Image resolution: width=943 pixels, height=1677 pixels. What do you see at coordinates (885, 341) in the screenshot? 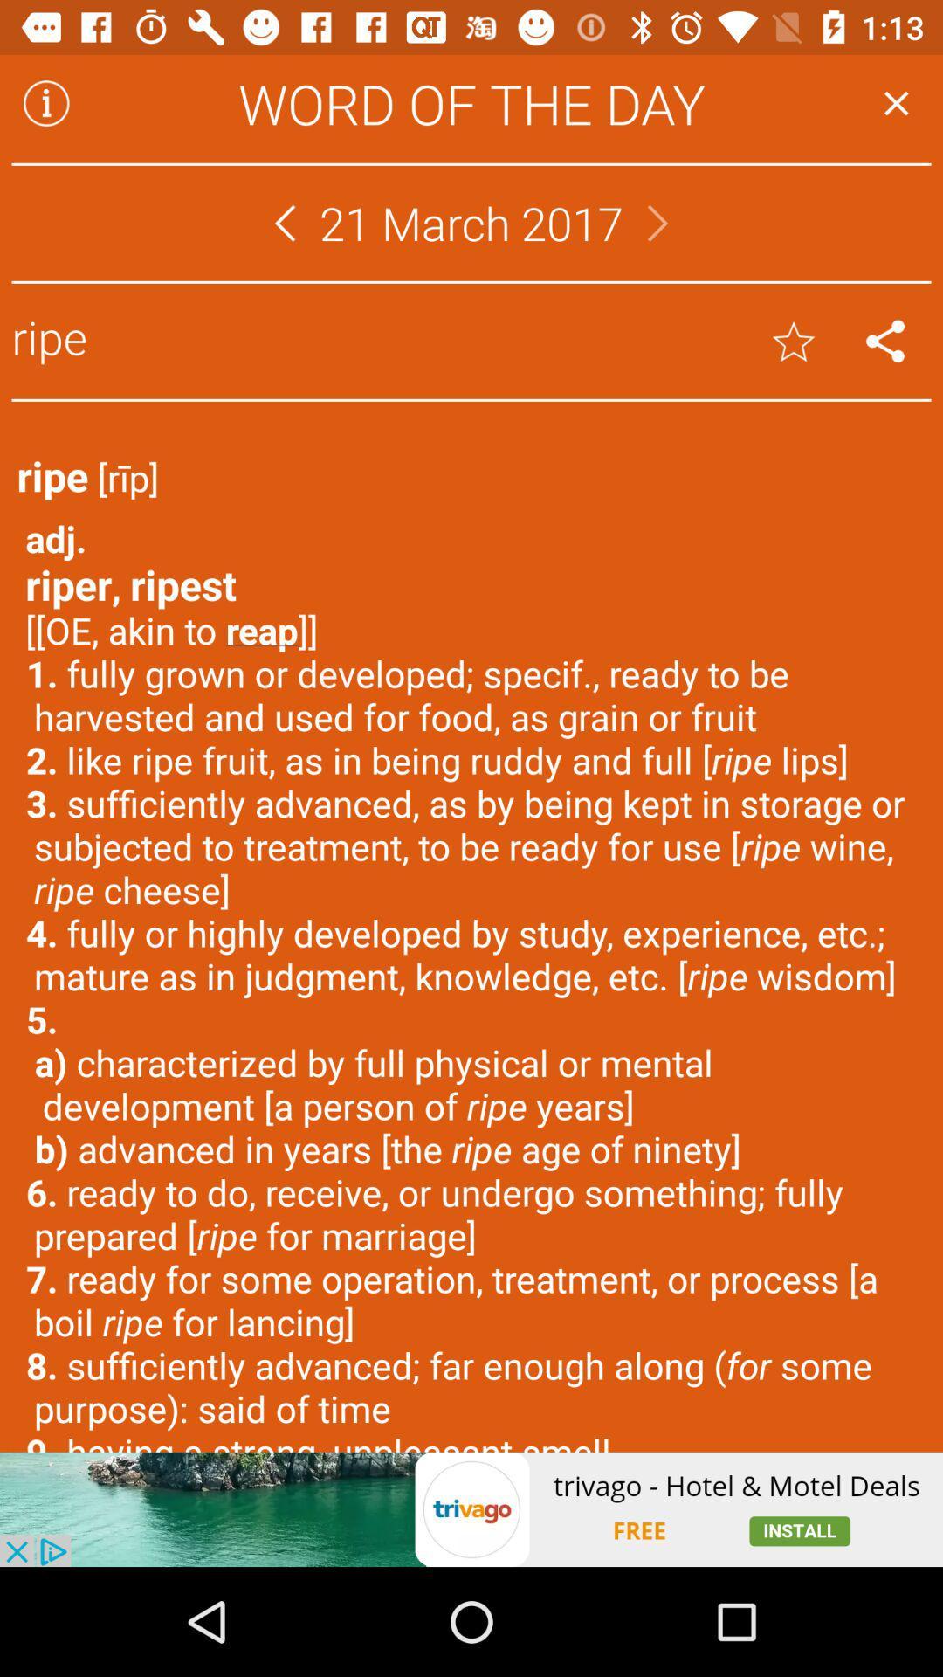
I see `share button` at bounding box center [885, 341].